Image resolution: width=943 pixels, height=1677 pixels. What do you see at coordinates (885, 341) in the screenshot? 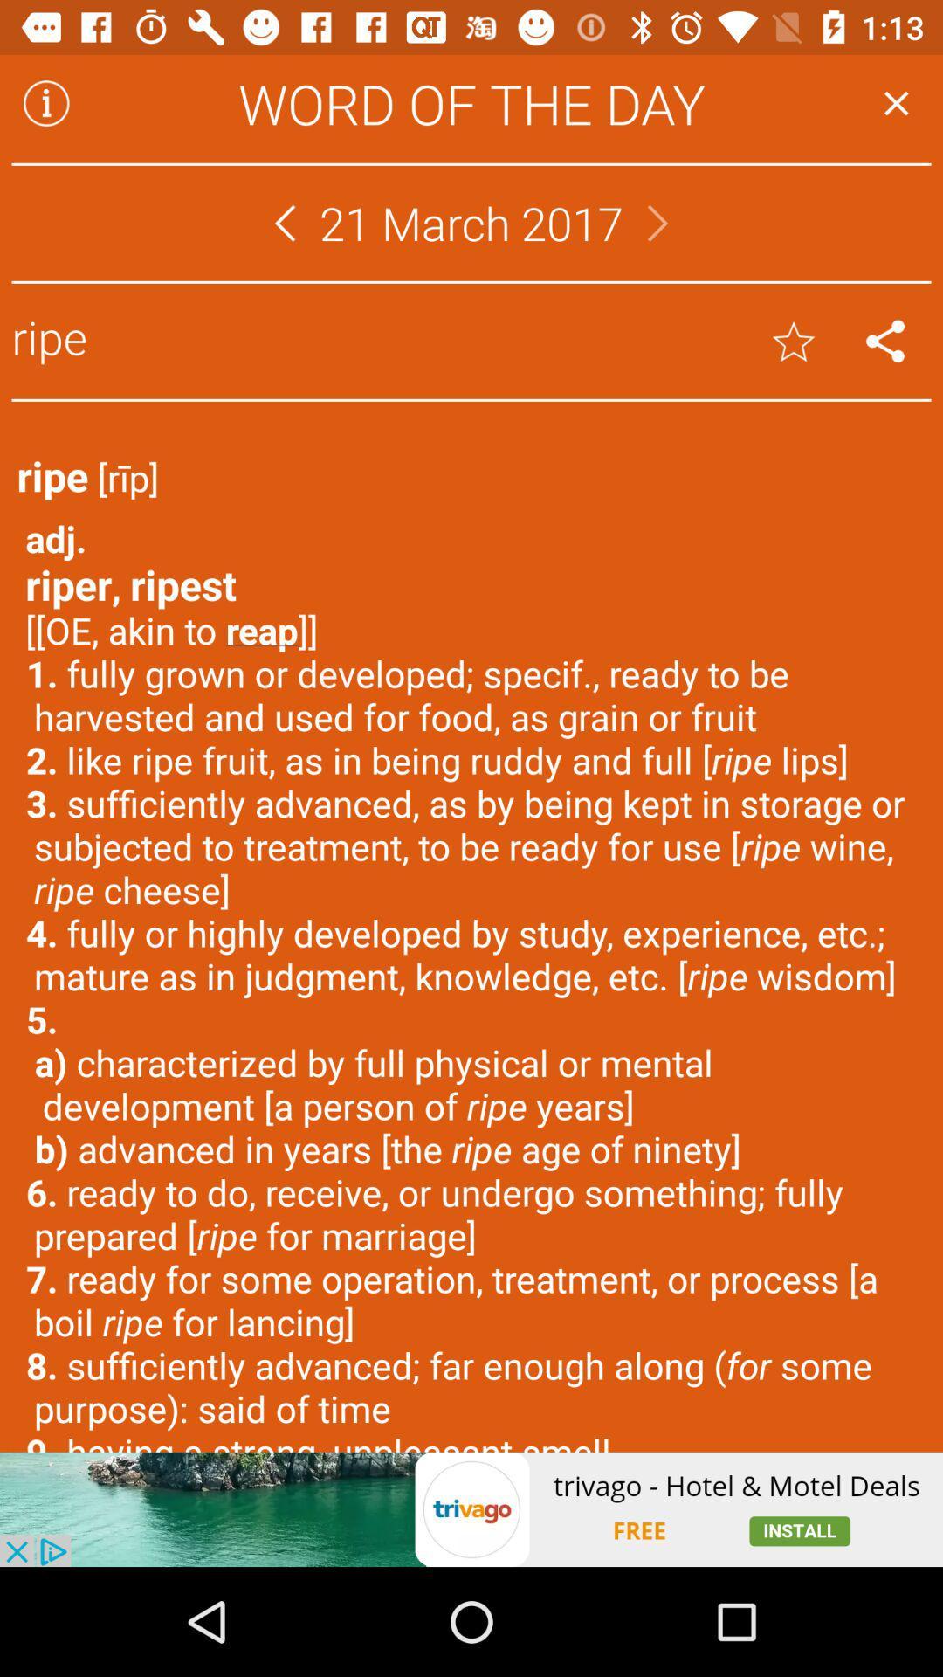
I see `share button` at bounding box center [885, 341].